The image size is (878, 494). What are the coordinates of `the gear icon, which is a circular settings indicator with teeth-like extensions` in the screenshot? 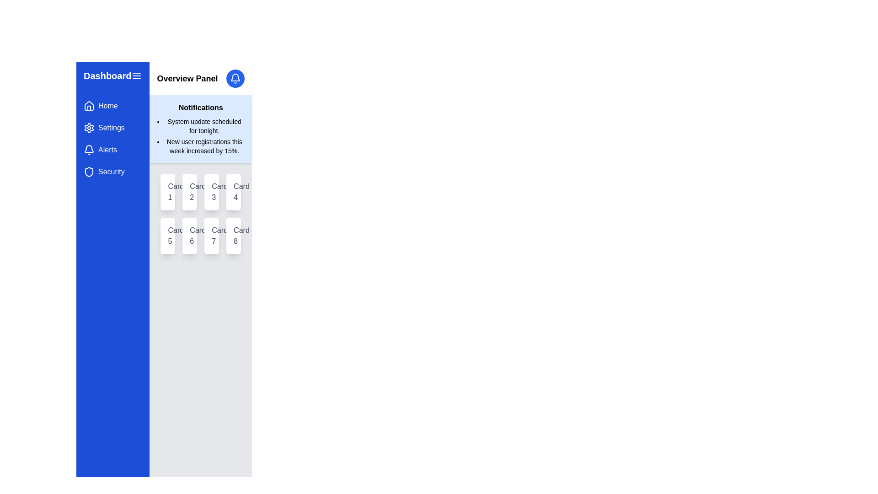 It's located at (89, 128).